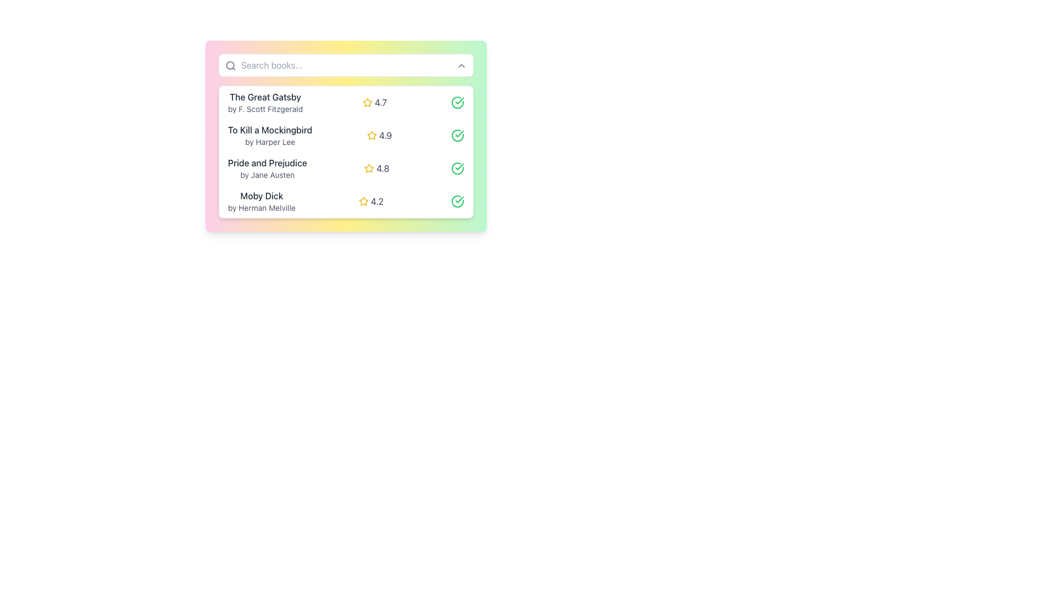  What do you see at coordinates (230, 65) in the screenshot?
I see `the small search icon represented by a magnifying glass located at the left-most side of the search input field, adjacent to the placeholder text 'Search books...'` at bounding box center [230, 65].